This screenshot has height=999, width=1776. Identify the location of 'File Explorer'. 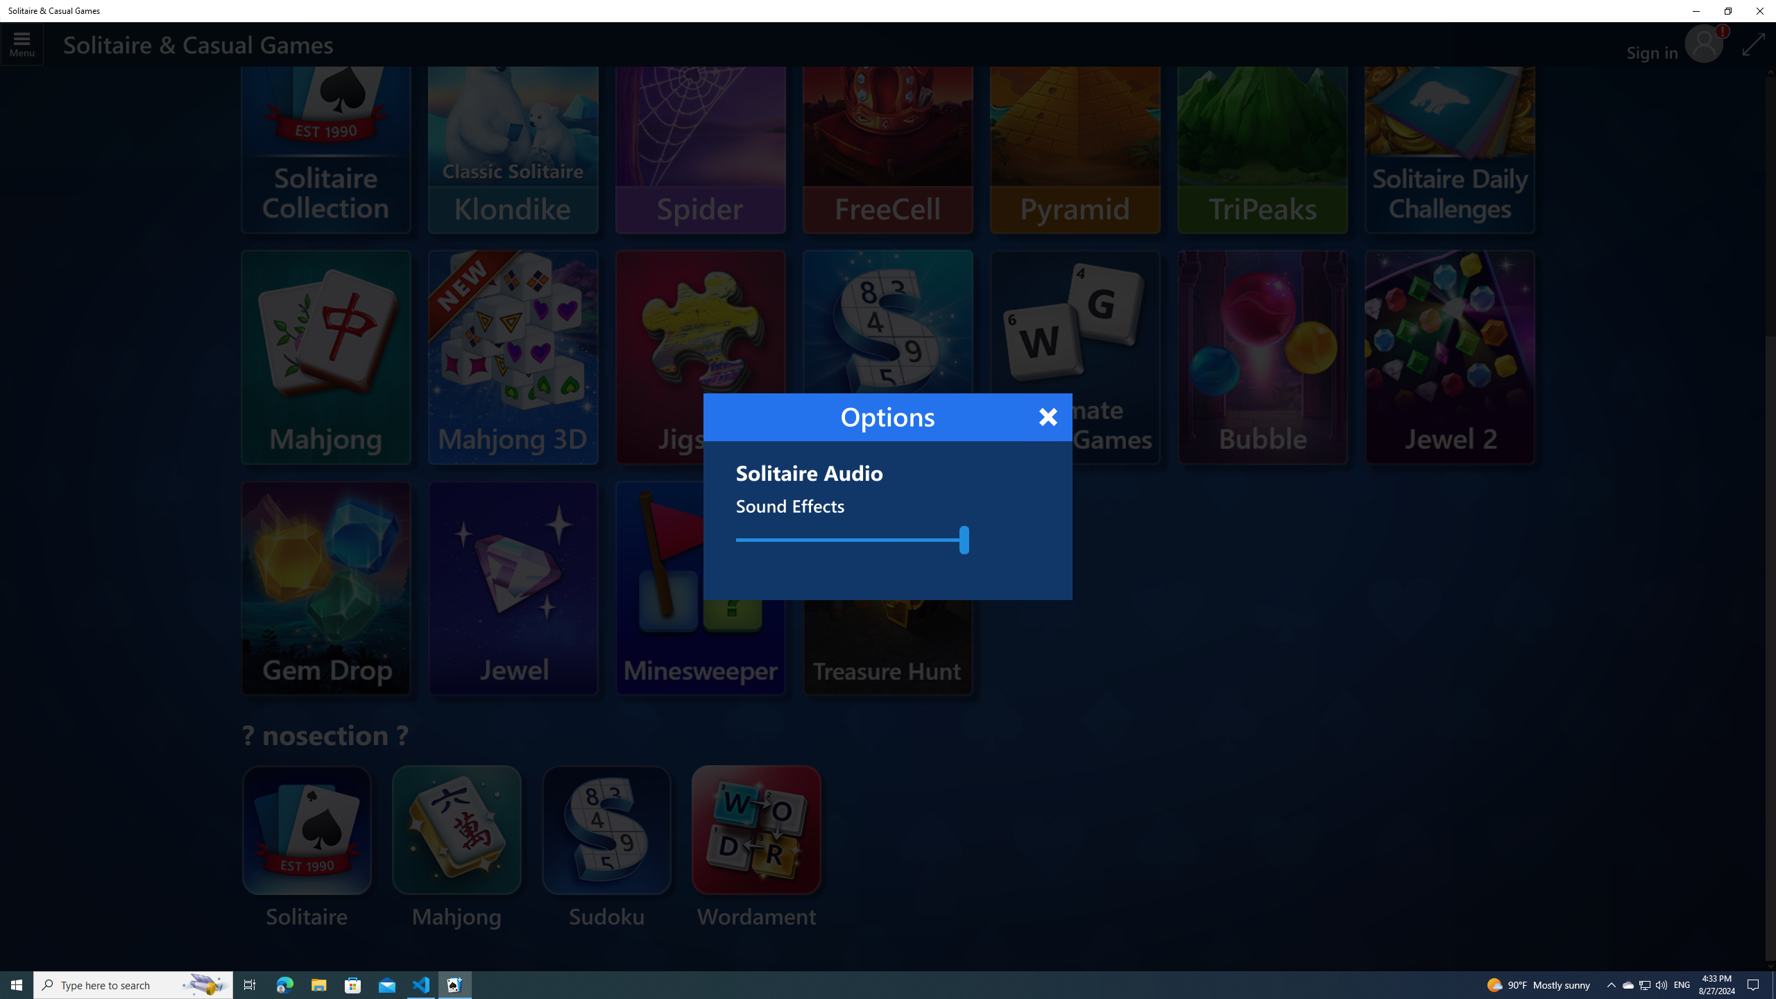
(318, 984).